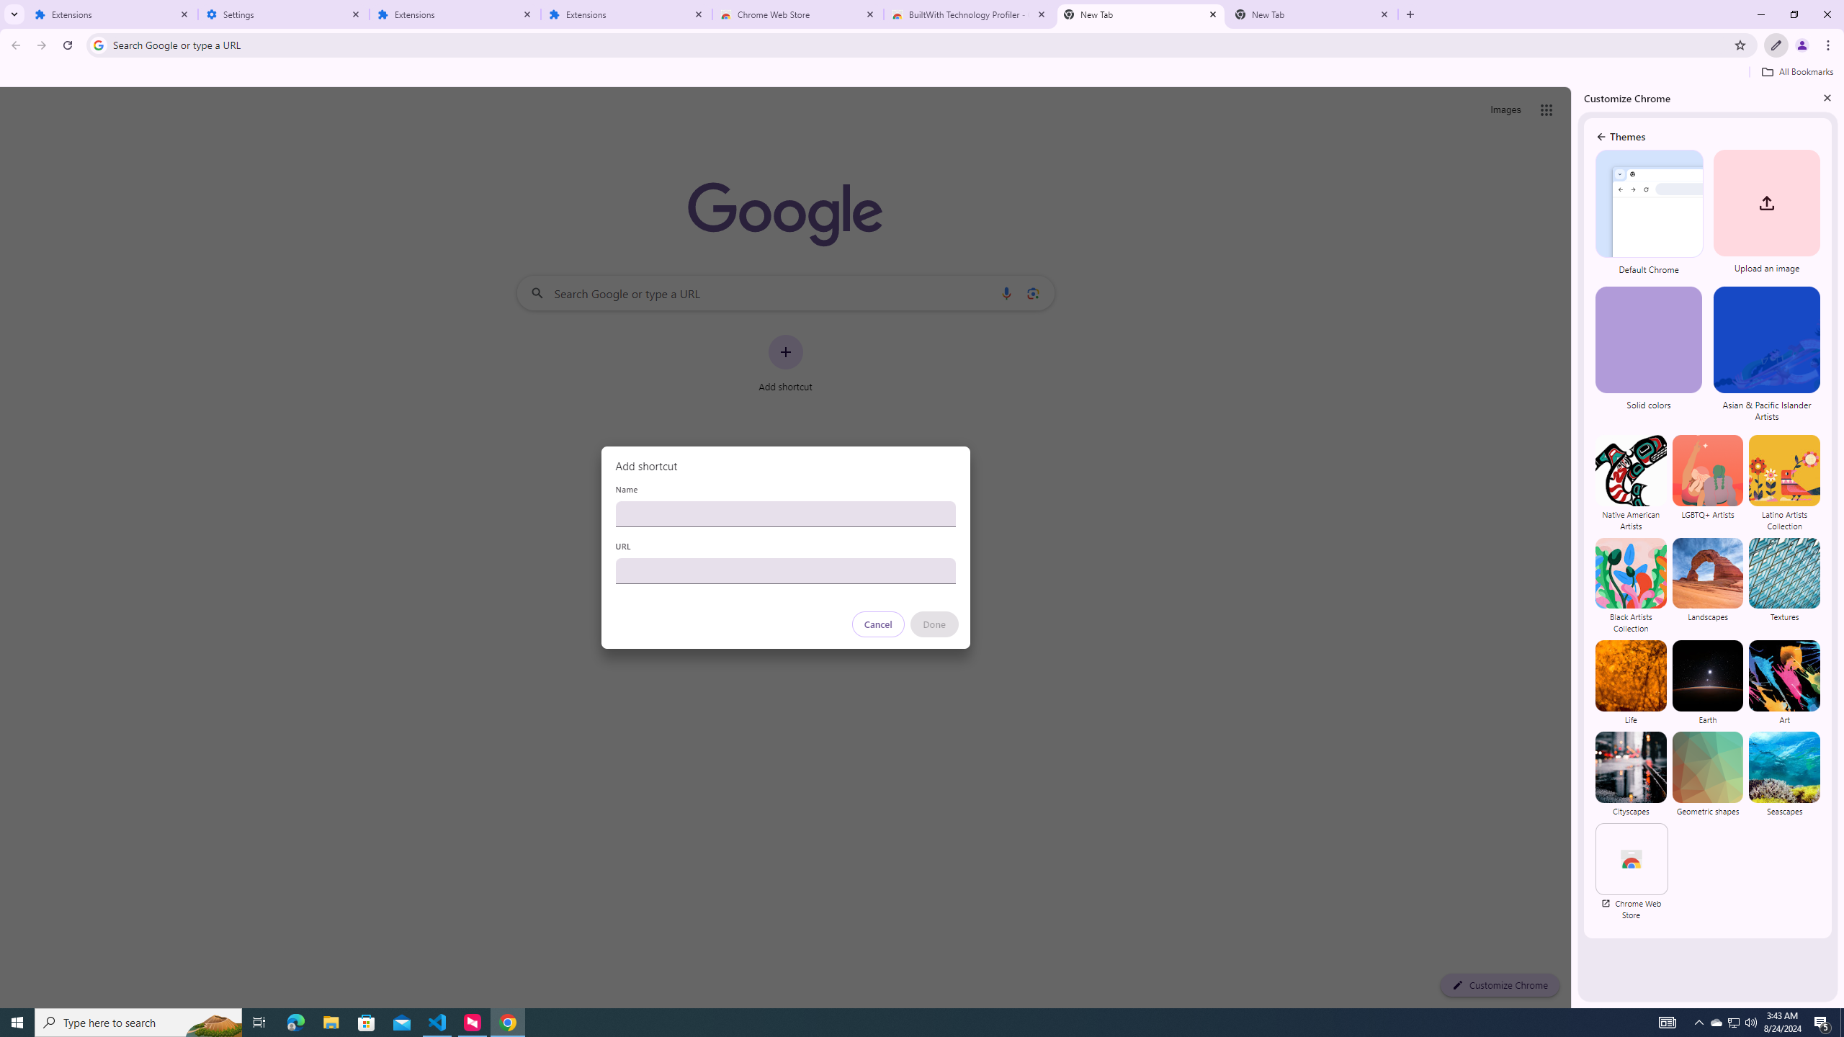  What do you see at coordinates (1650, 212) in the screenshot?
I see `'Default Chrome'` at bounding box center [1650, 212].